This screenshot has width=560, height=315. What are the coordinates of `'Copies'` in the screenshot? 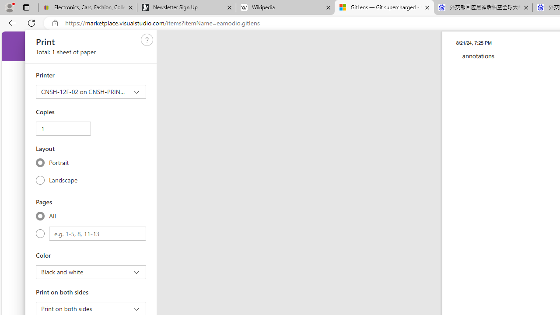 It's located at (63, 129).